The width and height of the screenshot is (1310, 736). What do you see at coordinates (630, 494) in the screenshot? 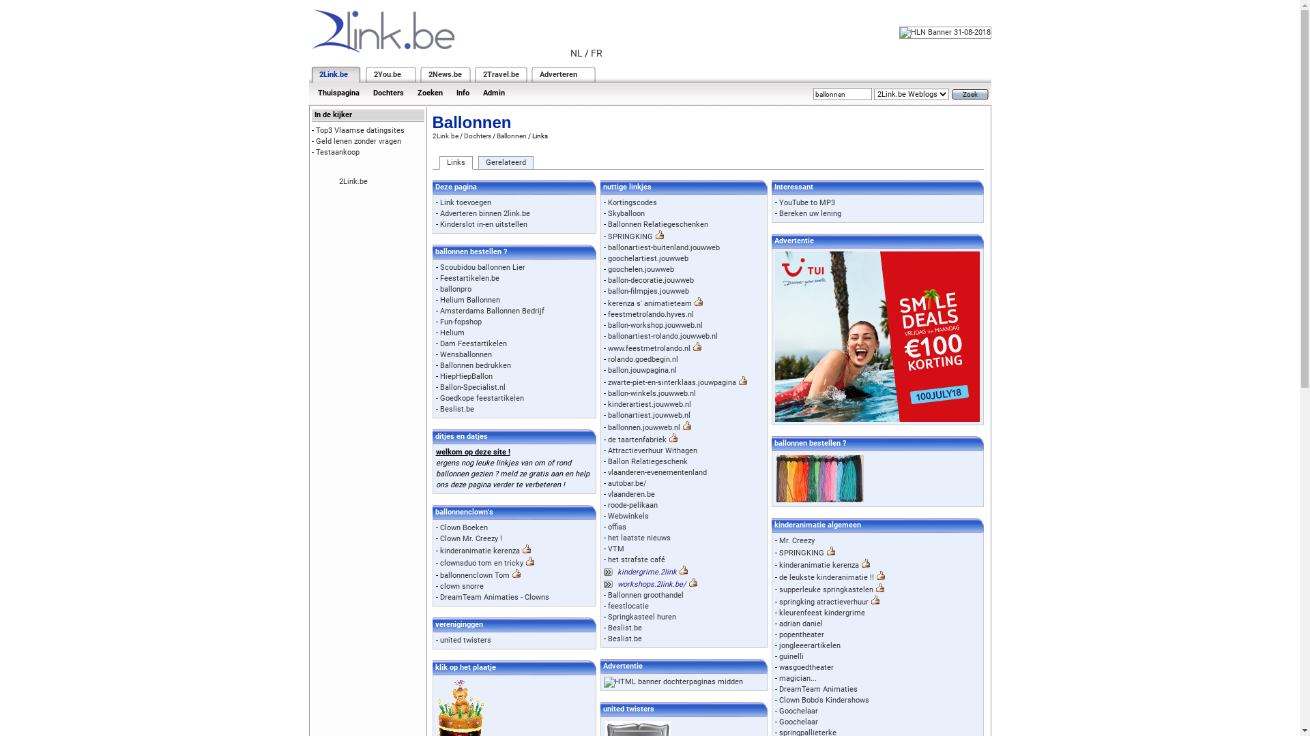
I see `'vlaanderen.be'` at bounding box center [630, 494].